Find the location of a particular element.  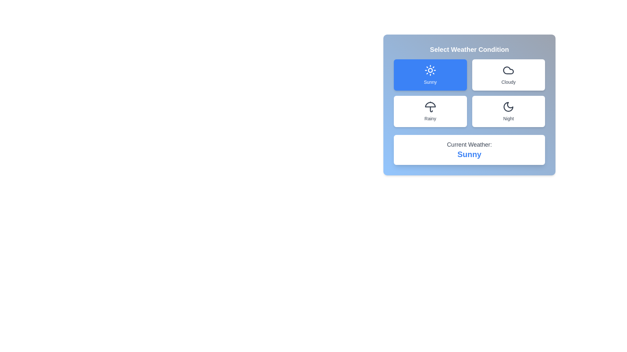

the weather condition Rainy by clicking the corresponding button is located at coordinates (430, 111).